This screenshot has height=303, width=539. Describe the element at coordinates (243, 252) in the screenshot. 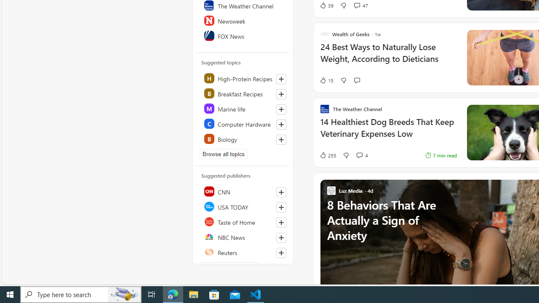

I see `'Reuters'` at that location.